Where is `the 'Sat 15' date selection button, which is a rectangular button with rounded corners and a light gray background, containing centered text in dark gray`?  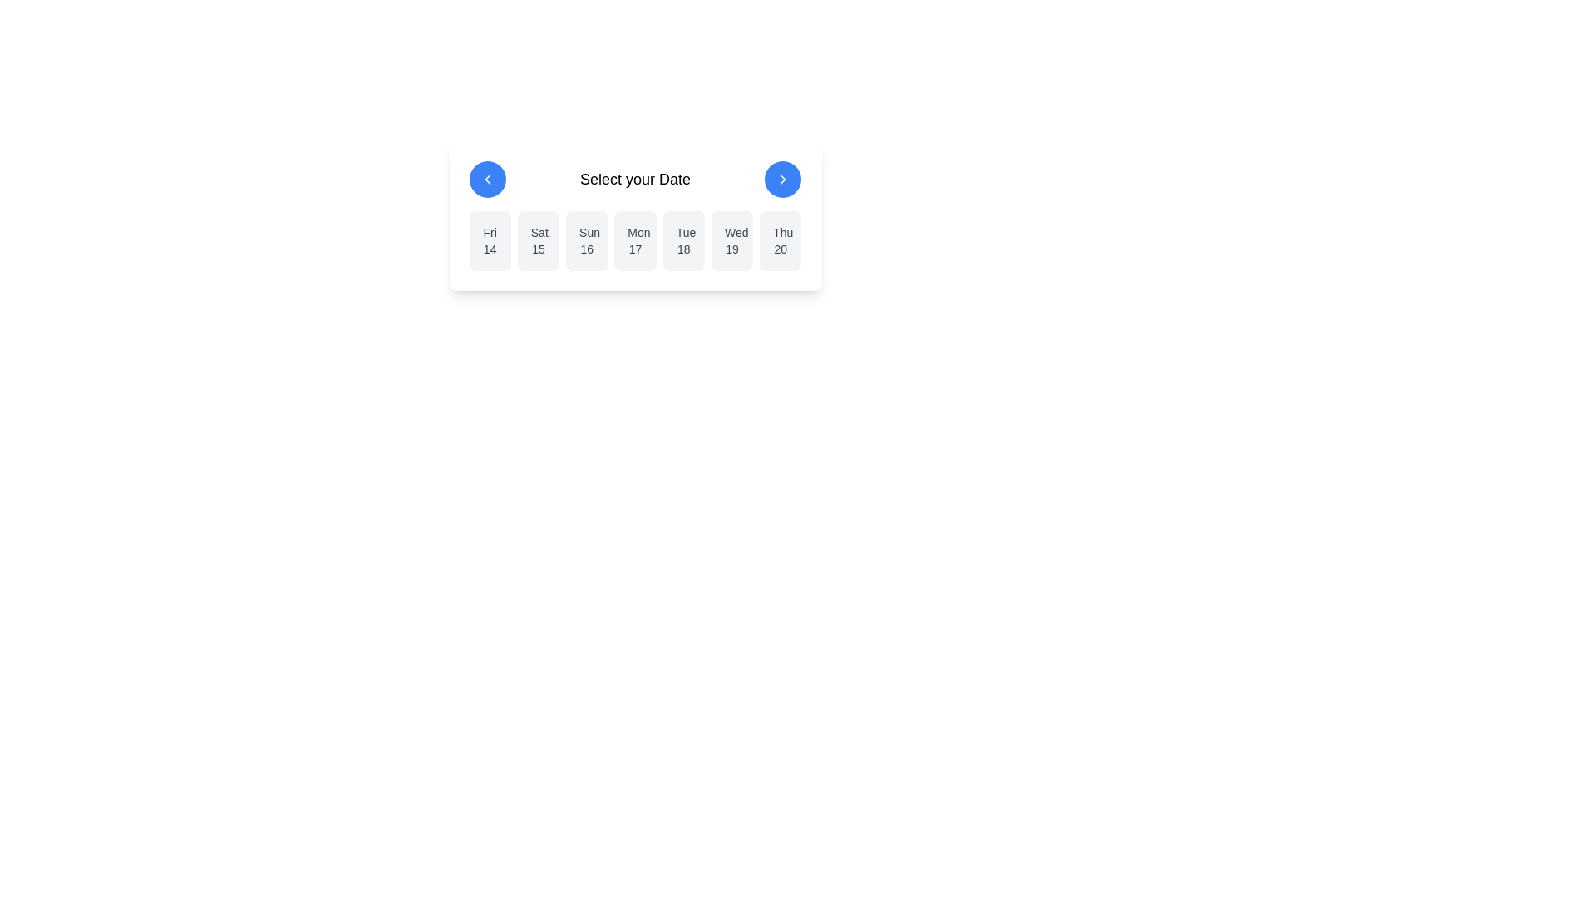
the 'Sat 15' date selection button, which is a rectangular button with rounded corners and a light gray background, containing centered text in dark gray is located at coordinates (539, 240).